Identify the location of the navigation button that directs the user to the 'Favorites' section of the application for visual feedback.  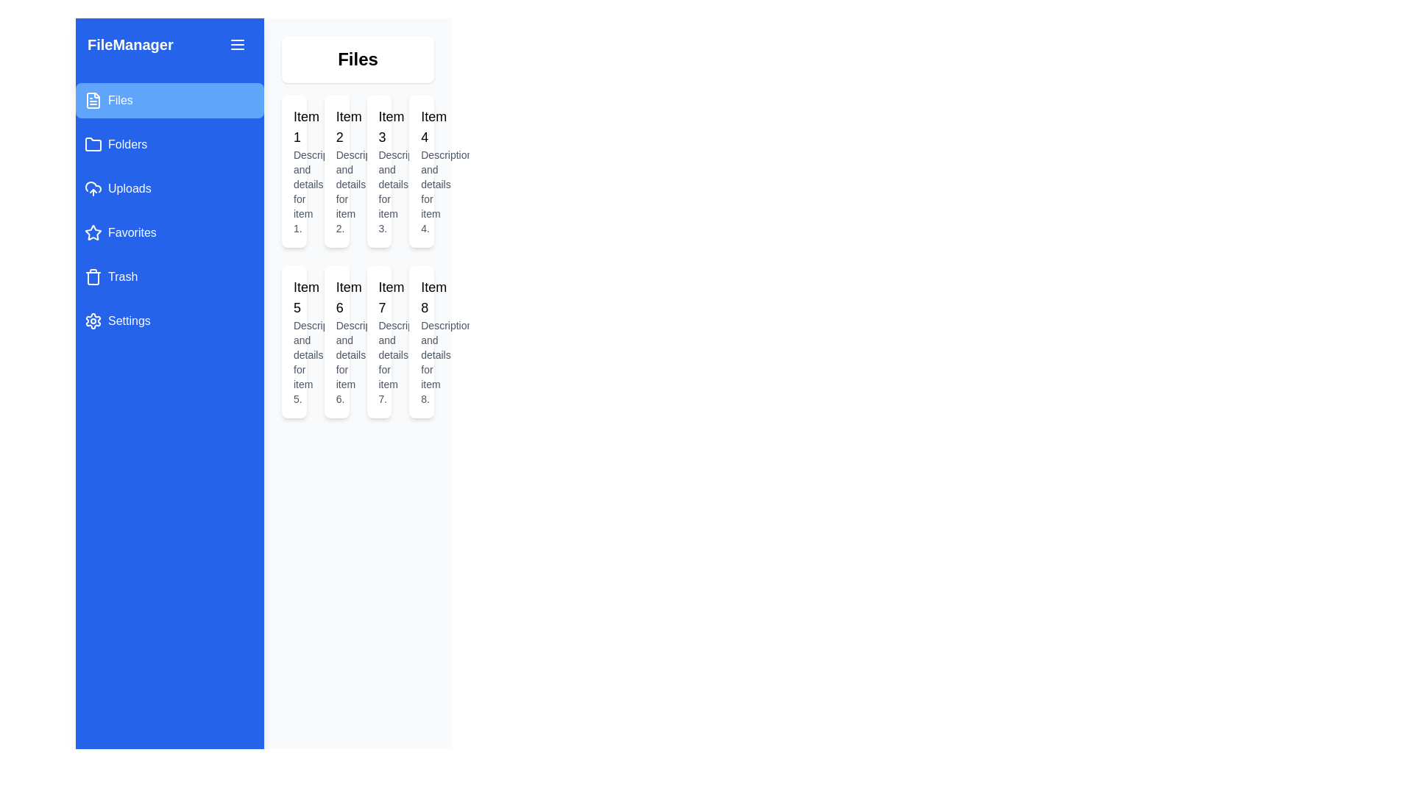
(169, 232).